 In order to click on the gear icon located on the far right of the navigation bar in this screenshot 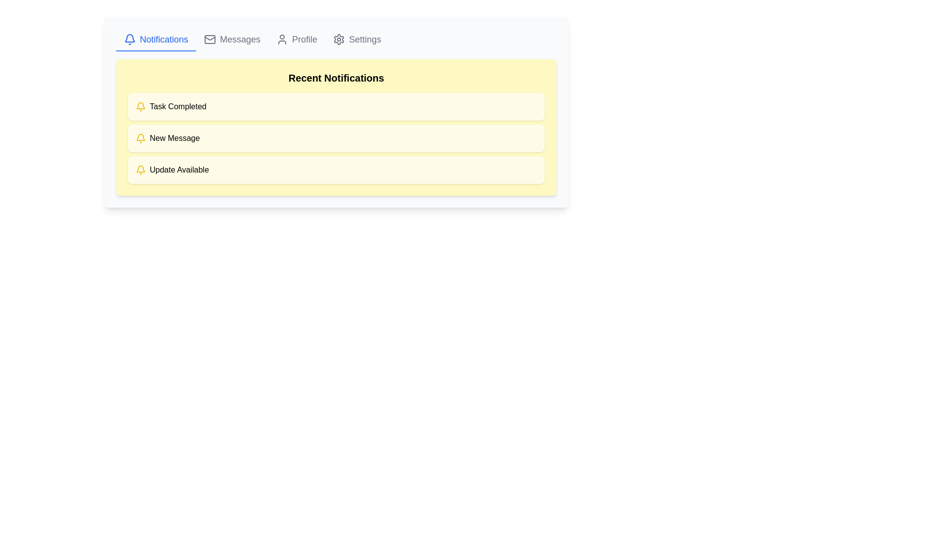, I will do `click(339, 39)`.